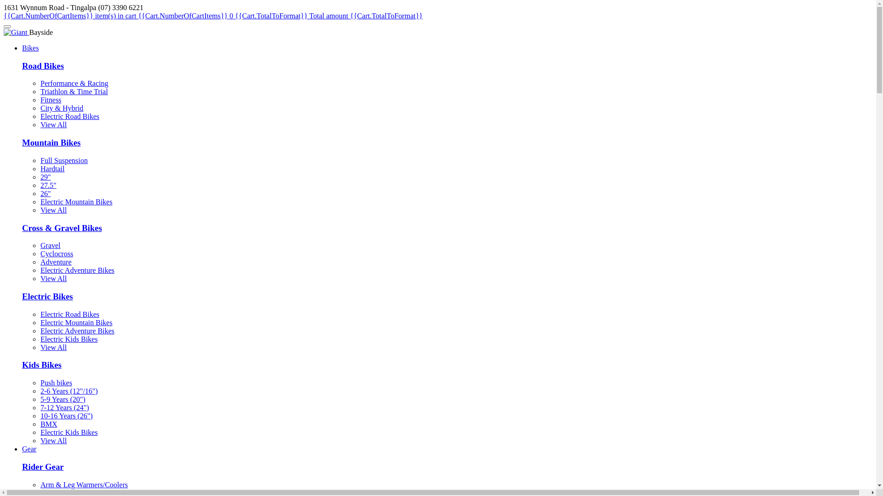 Image resolution: width=883 pixels, height=496 pixels. Describe the element at coordinates (69, 391) in the screenshot. I see `'2-6 Years (12"/16")'` at that location.